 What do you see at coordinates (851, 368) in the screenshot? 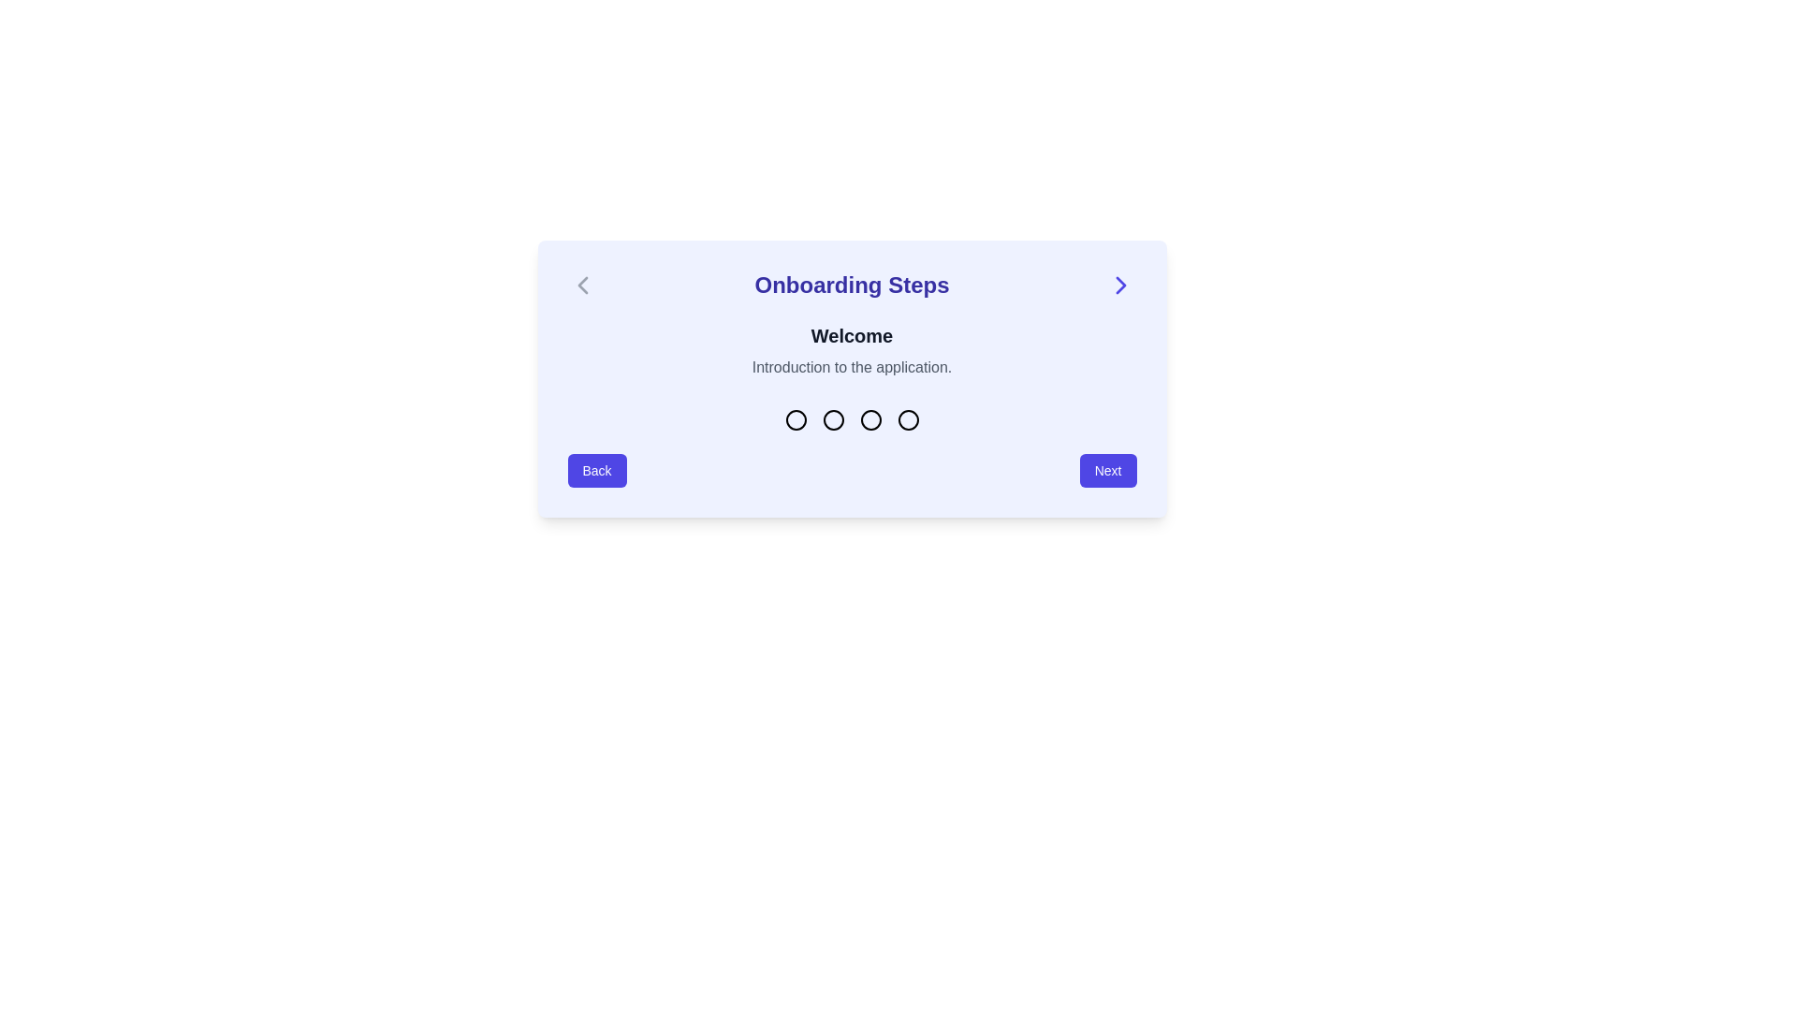
I see `the text element that provides a succinct introduction or description of the application, located directly beneath the heading 'Welcome' and centered in the interface` at bounding box center [851, 368].